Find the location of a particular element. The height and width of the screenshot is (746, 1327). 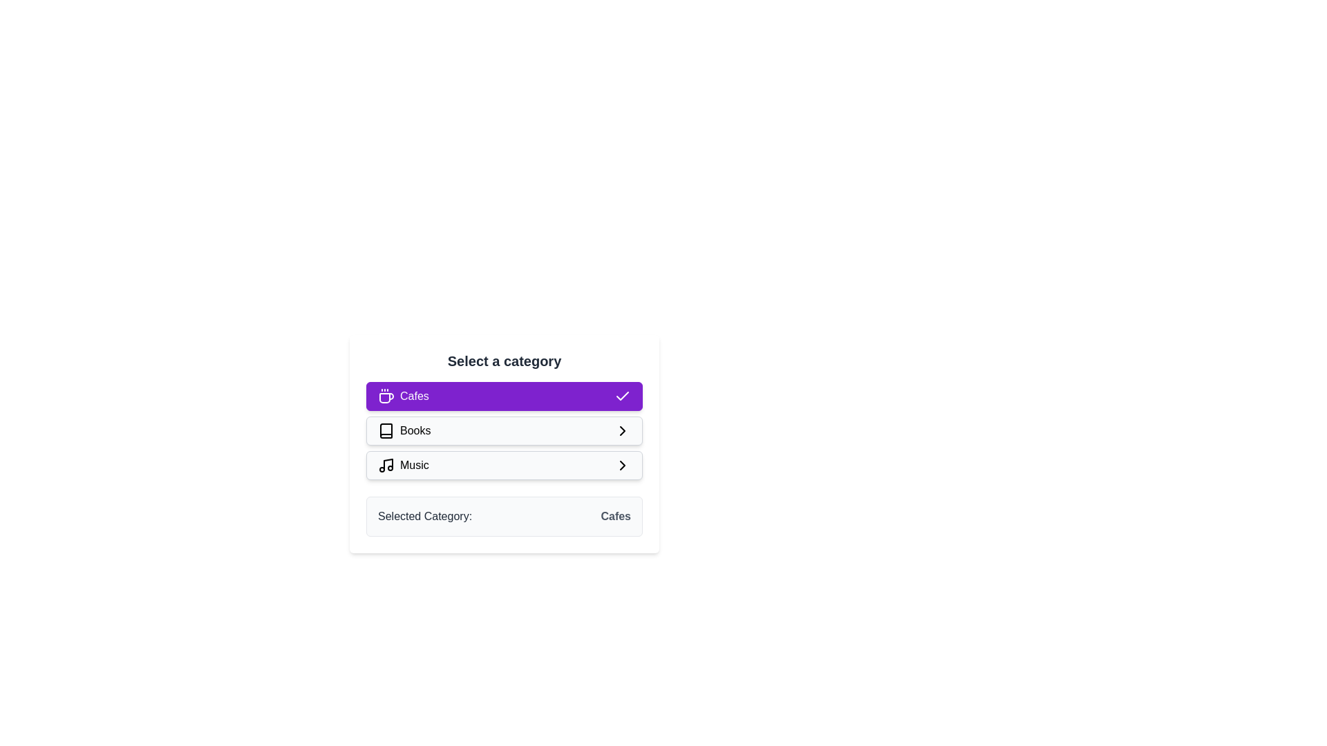

the right-facing chevron icon in the 'Books' selection row is located at coordinates (622, 430).